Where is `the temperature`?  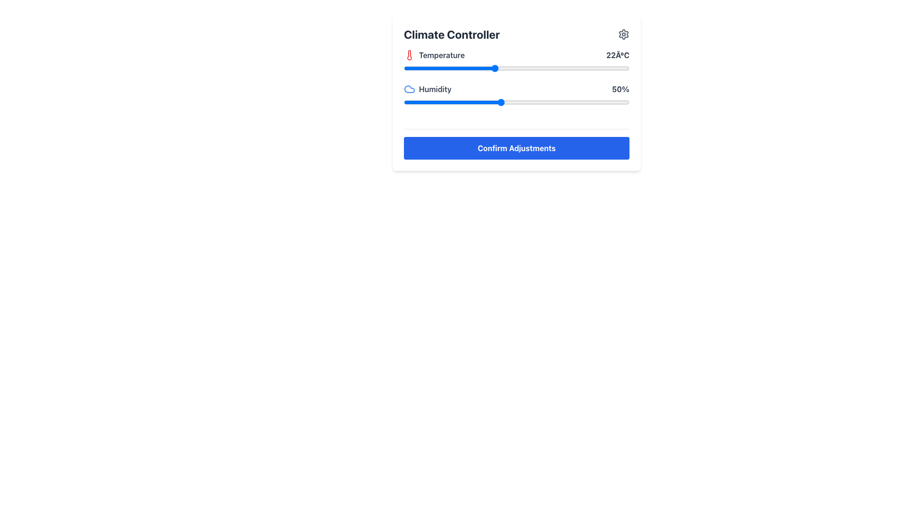
the temperature is located at coordinates (569, 68).